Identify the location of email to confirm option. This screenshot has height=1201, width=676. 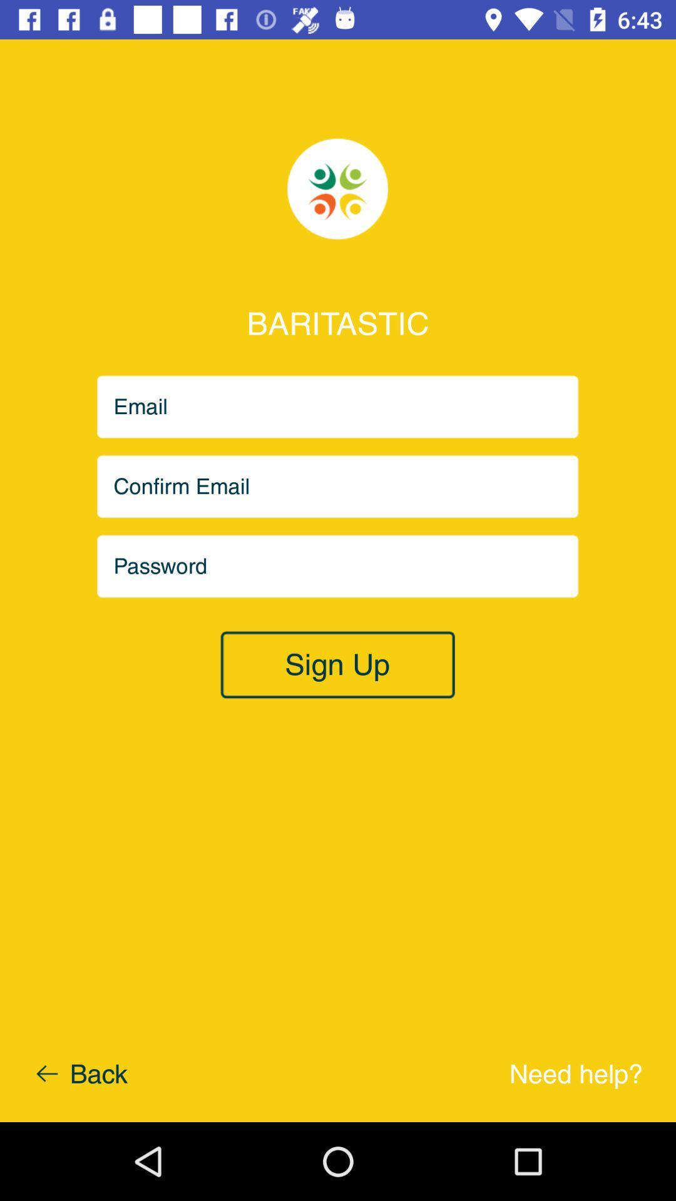
(338, 486).